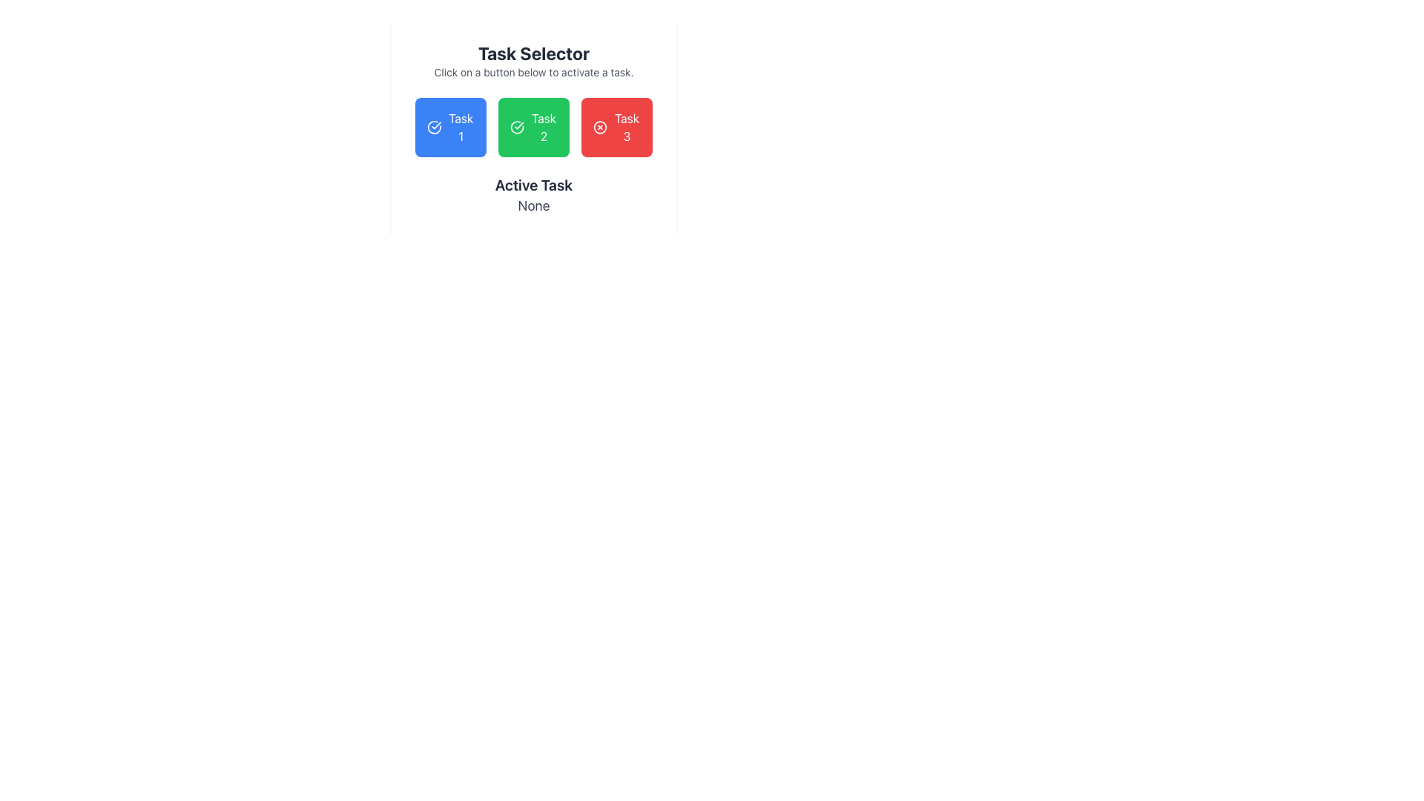 Image resolution: width=1424 pixels, height=801 pixels. I want to click on the second button labeled 'Task 2' located beneath the text 'Task Selector', so click(534, 127).